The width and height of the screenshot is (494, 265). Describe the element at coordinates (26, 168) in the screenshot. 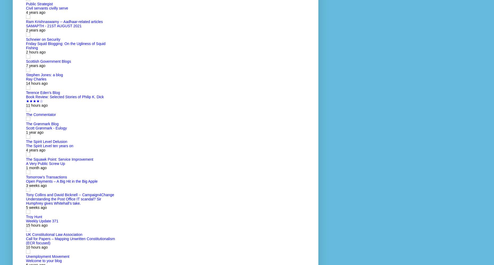

I see `'1 month ago'` at that location.